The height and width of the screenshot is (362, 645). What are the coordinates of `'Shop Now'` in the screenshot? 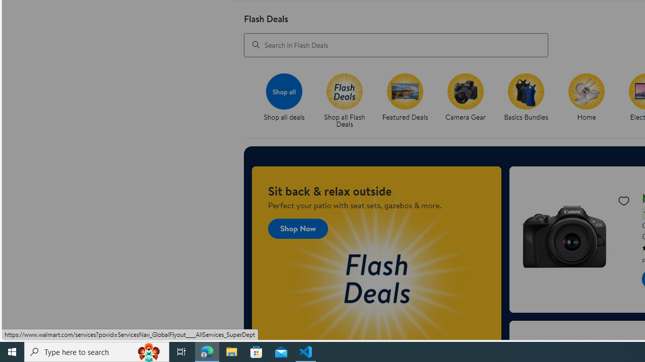 It's located at (298, 228).